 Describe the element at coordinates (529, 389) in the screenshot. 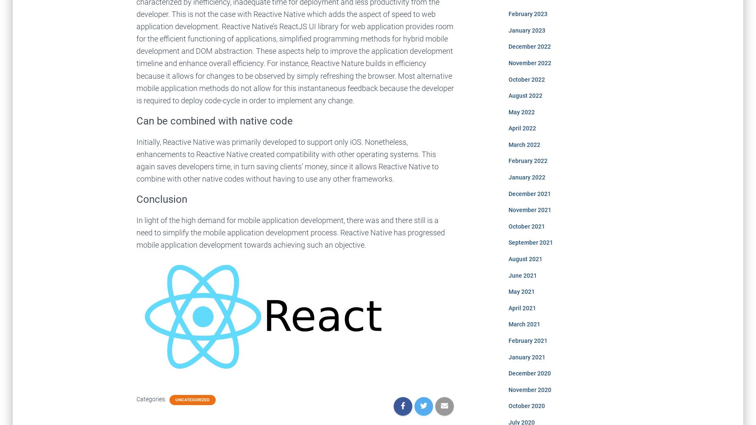

I see `'November 2020'` at that location.